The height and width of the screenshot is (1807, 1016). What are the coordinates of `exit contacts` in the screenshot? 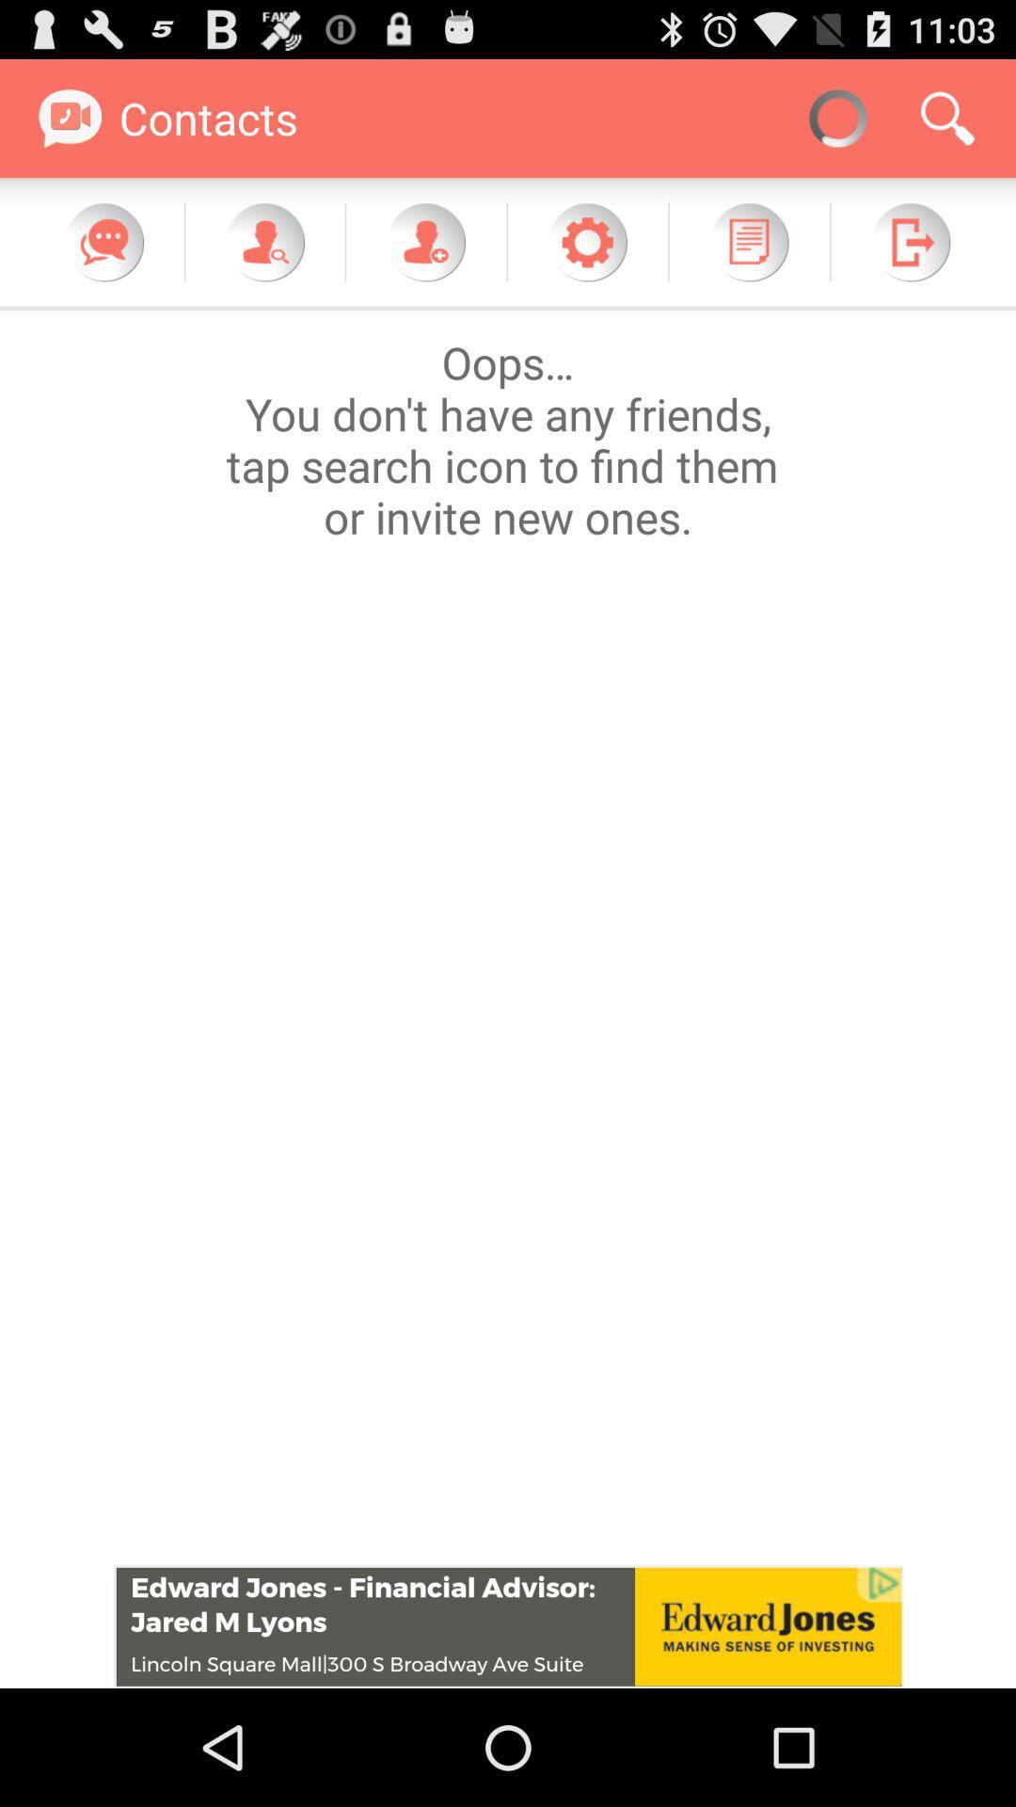 It's located at (910, 241).